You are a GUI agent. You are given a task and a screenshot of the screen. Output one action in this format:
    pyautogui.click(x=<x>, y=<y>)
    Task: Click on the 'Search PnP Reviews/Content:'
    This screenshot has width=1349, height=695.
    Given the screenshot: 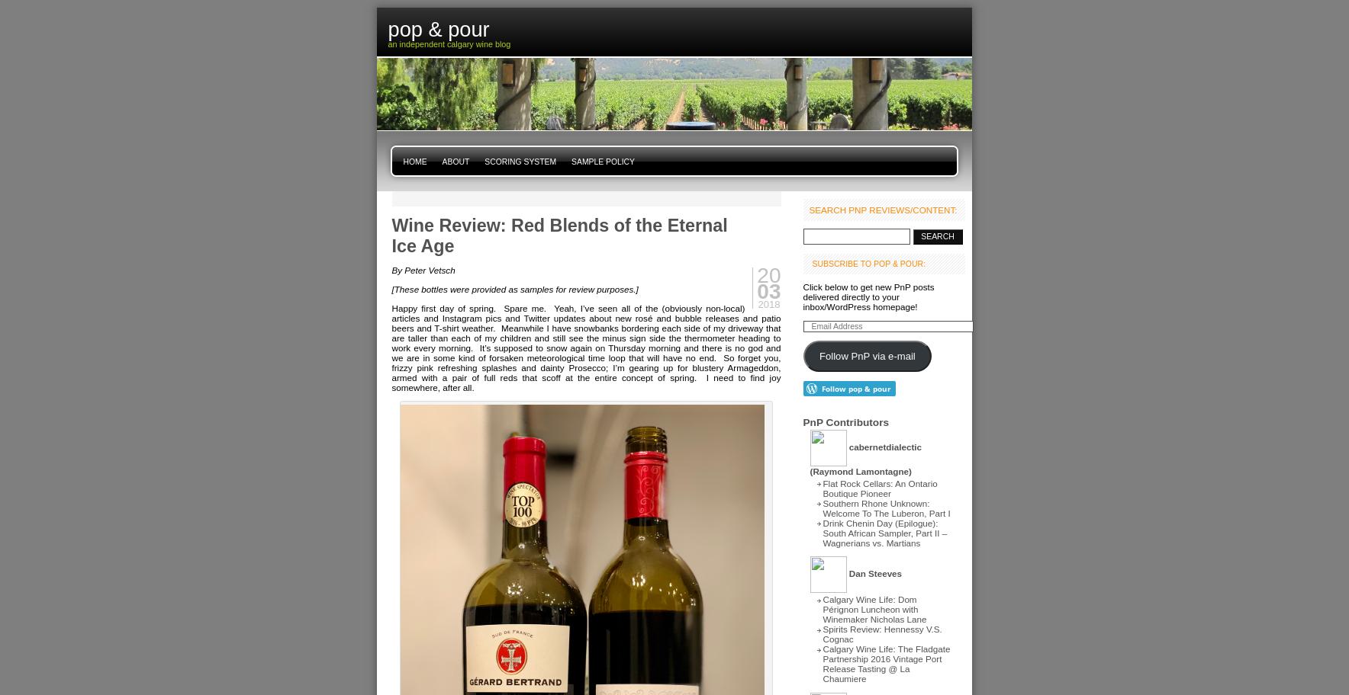 What is the action you would take?
    pyautogui.click(x=882, y=209)
    